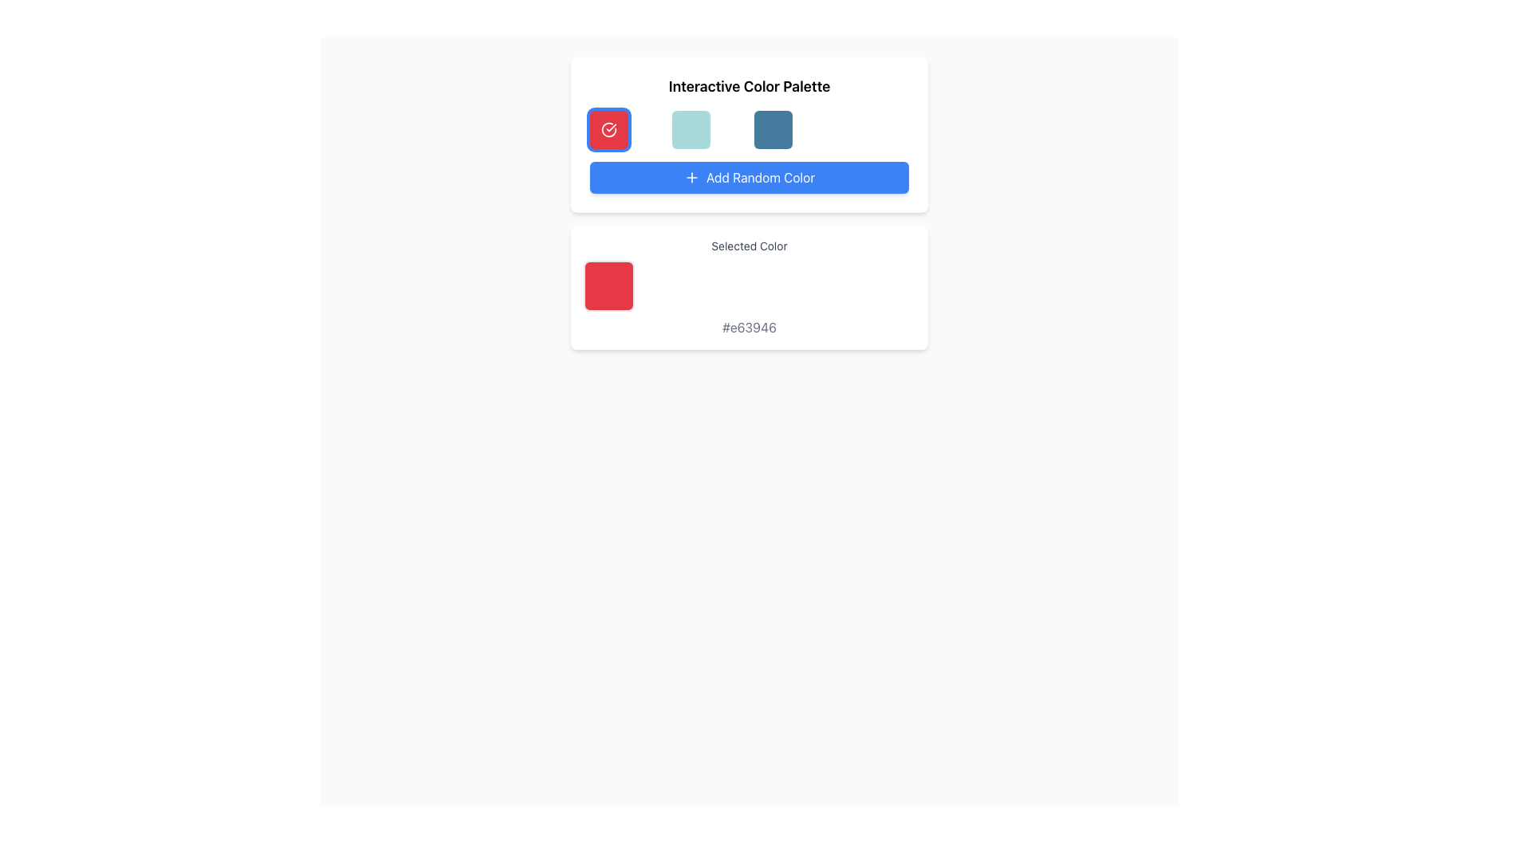 The image size is (1531, 861). What do you see at coordinates (773, 128) in the screenshot?
I see `the fourth color selection button in the Interactive Color Palette` at bounding box center [773, 128].